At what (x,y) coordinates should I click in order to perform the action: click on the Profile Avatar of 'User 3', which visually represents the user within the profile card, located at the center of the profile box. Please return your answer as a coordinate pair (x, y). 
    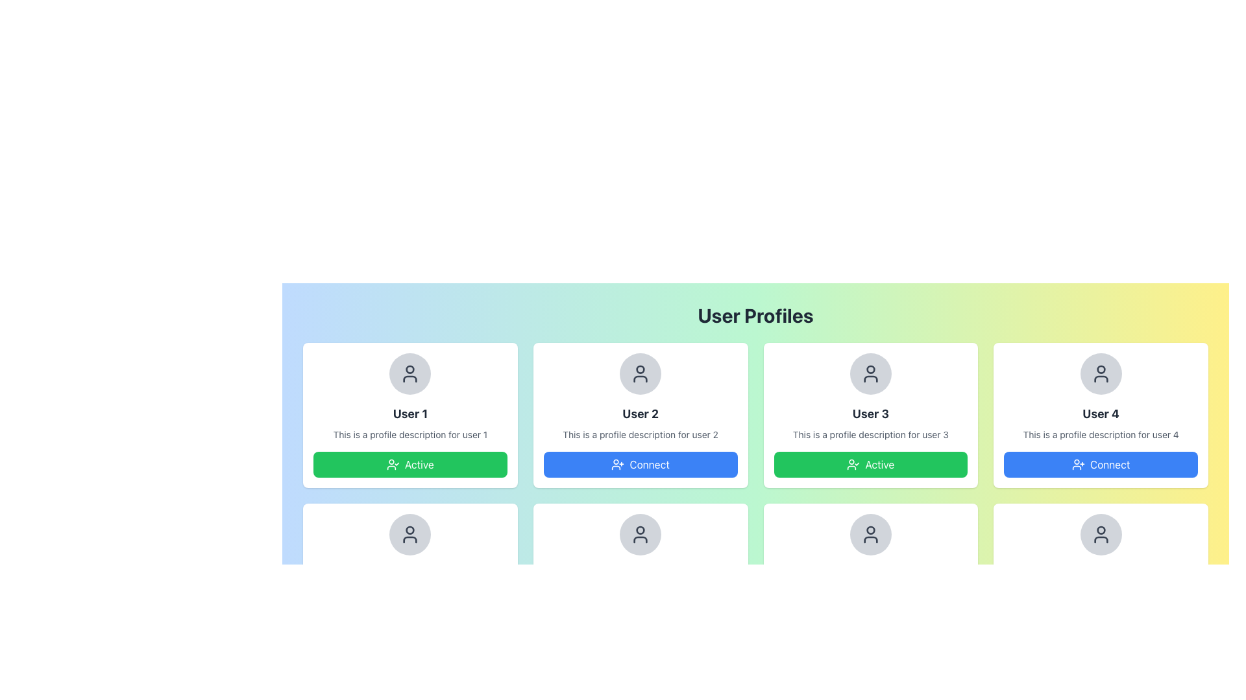
    Looking at the image, I should click on (870, 374).